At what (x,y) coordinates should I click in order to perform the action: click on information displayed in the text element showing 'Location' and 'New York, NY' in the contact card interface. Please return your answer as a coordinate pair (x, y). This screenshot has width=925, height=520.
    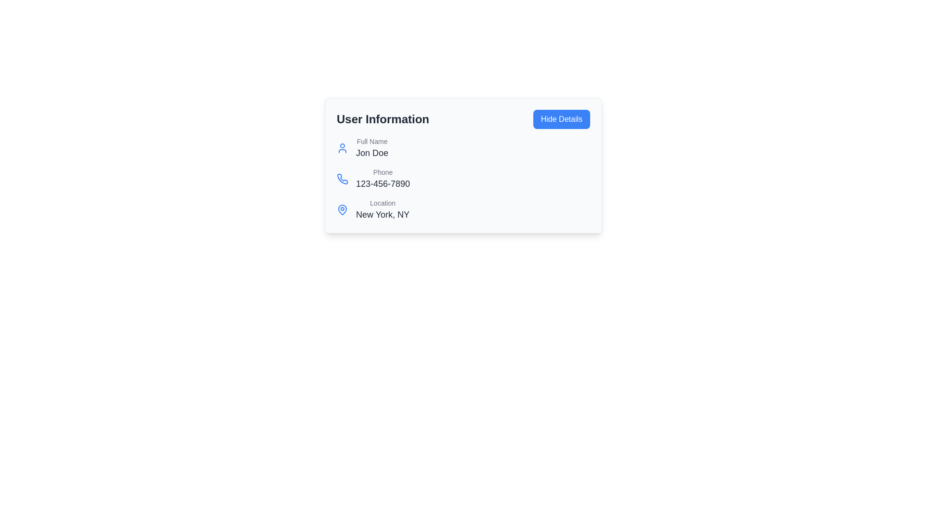
    Looking at the image, I should click on (382, 209).